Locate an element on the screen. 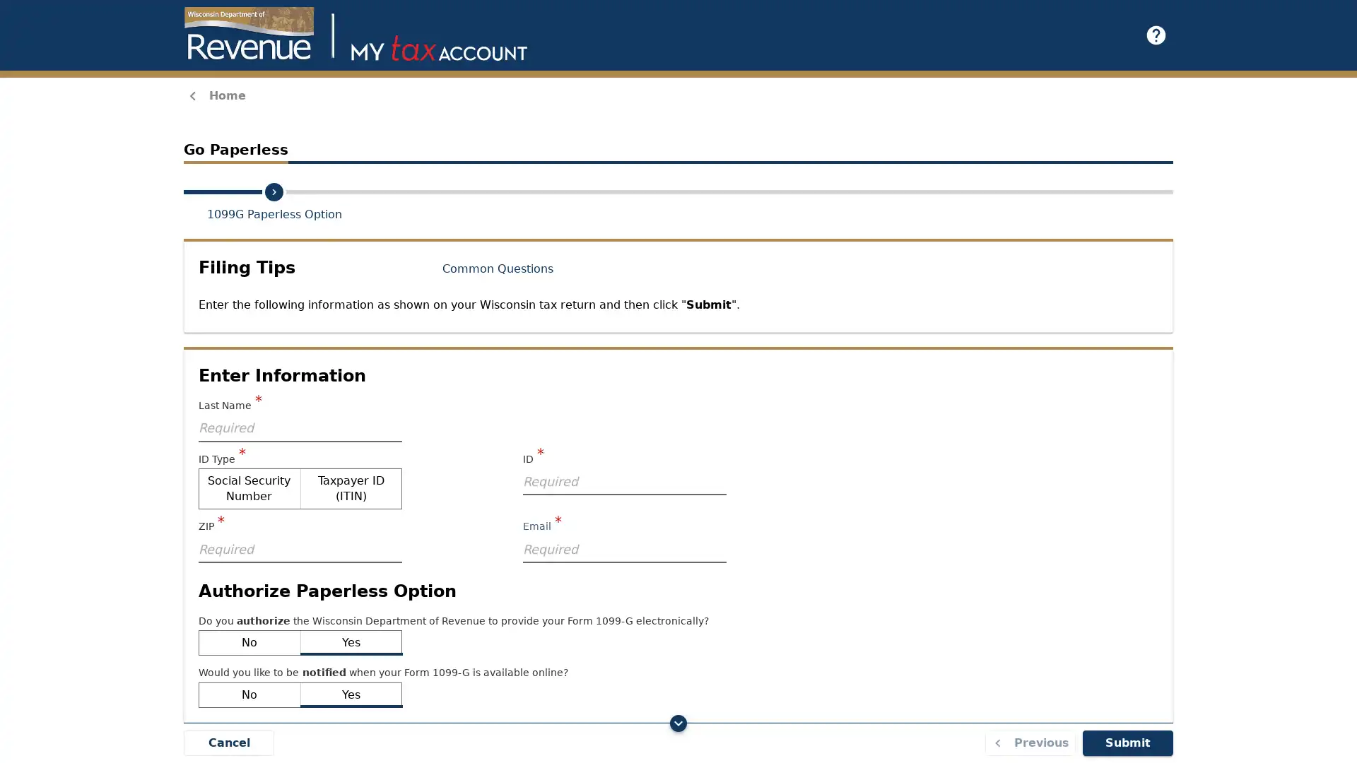  Submit is located at coordinates (1127, 742).